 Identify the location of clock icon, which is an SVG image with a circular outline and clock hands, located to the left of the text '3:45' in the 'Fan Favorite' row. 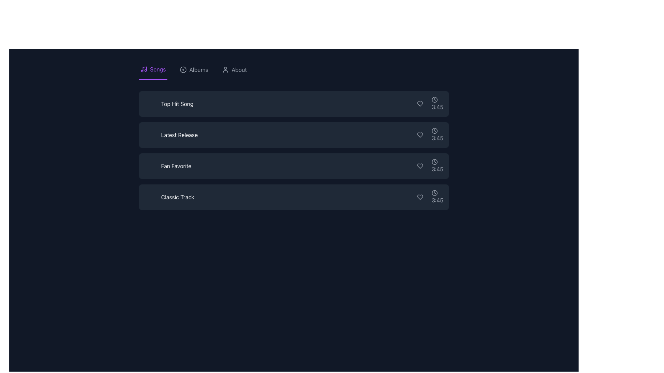
(434, 162).